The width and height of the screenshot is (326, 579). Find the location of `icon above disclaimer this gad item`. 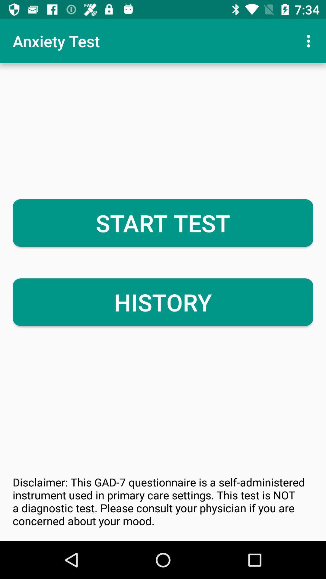

icon above disclaimer this gad item is located at coordinates (163, 302).